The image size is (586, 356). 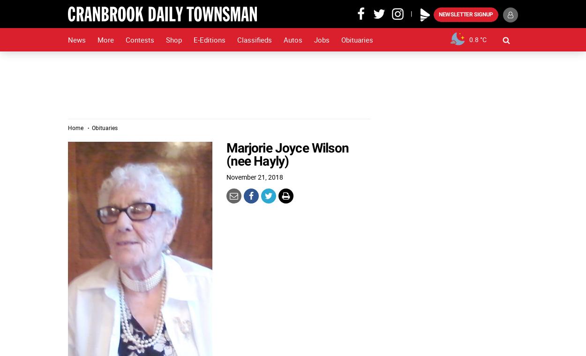 What do you see at coordinates (478, 39) in the screenshot?
I see `'0.8 °C'` at bounding box center [478, 39].